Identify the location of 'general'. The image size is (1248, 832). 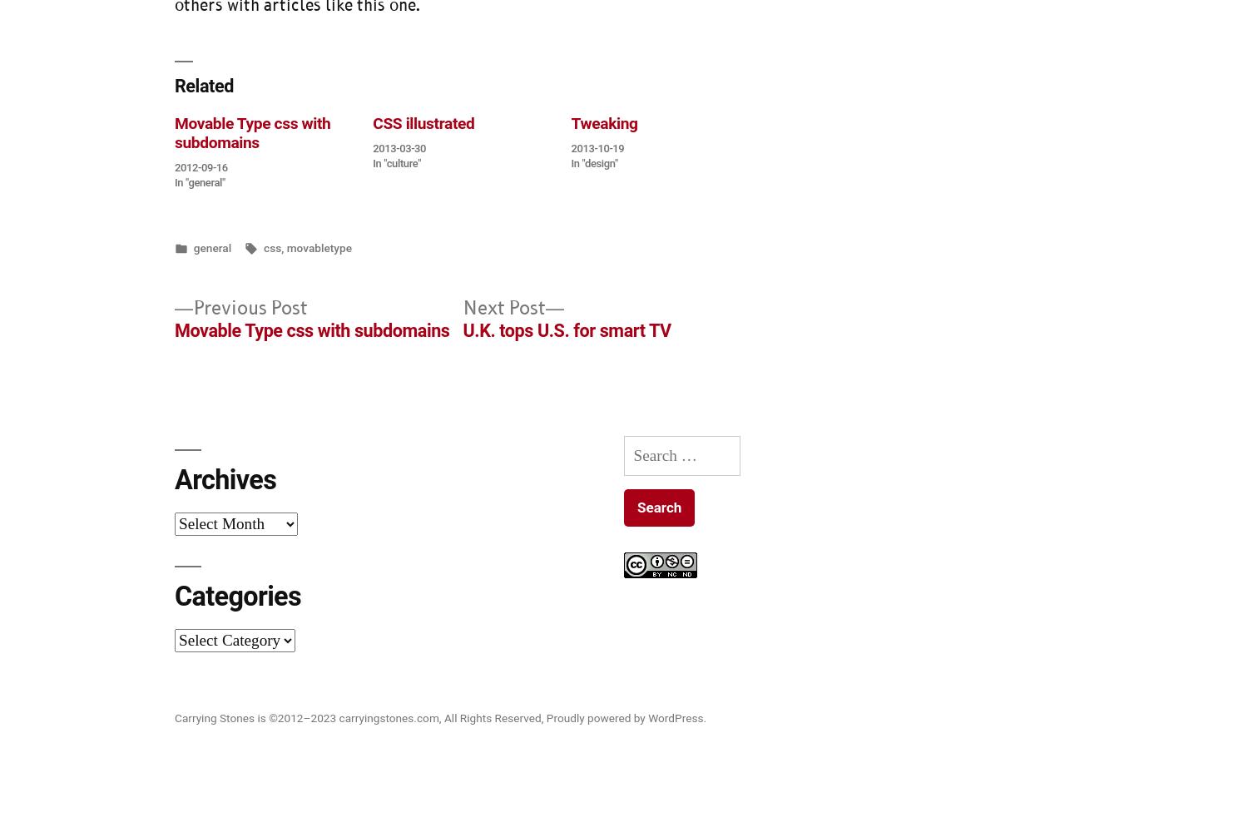
(212, 247).